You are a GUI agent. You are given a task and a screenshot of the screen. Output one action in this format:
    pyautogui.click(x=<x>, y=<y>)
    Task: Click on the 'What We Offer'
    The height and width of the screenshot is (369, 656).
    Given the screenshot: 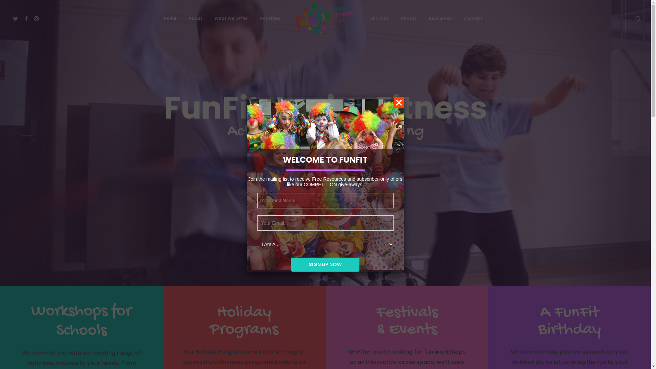 What is the action you would take?
    pyautogui.click(x=209, y=20)
    